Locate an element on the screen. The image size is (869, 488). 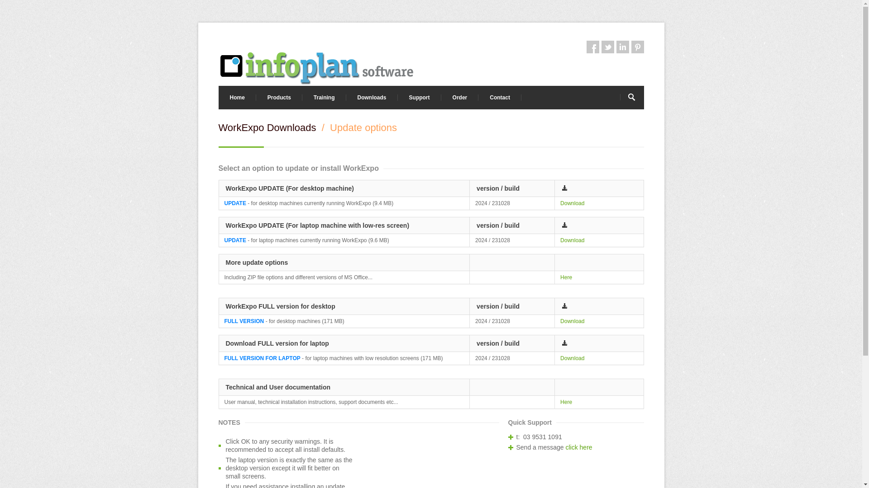
'Products' is located at coordinates (279, 98).